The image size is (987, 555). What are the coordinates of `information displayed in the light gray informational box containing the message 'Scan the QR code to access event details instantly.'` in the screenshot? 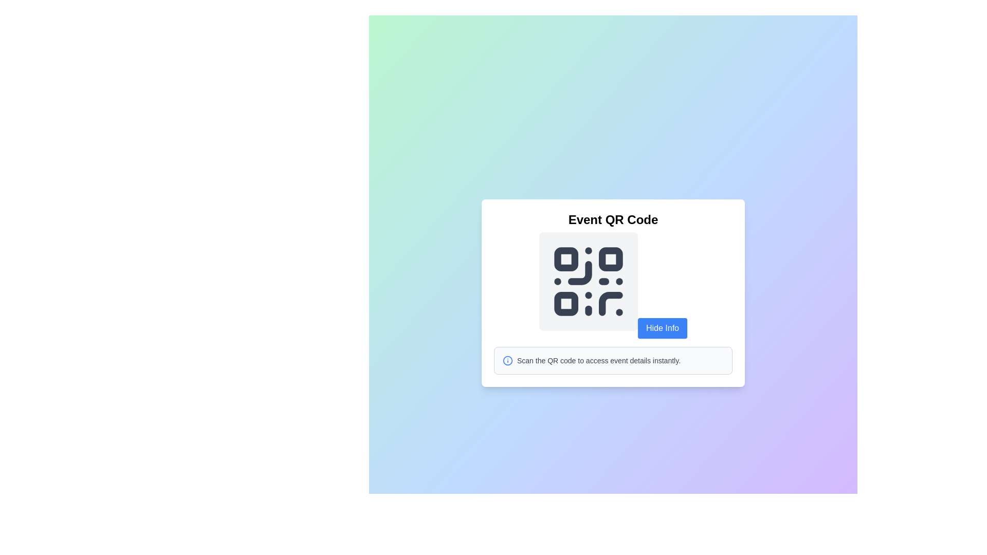 It's located at (613, 360).